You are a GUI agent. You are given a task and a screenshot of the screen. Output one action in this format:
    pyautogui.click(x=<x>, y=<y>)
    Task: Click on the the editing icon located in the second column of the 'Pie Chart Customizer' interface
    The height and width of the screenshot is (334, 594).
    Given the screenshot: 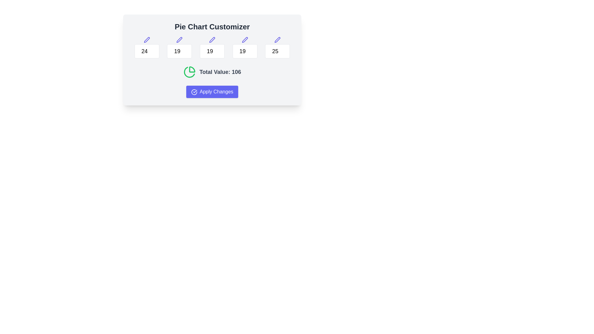 What is the action you would take?
    pyautogui.click(x=179, y=40)
    